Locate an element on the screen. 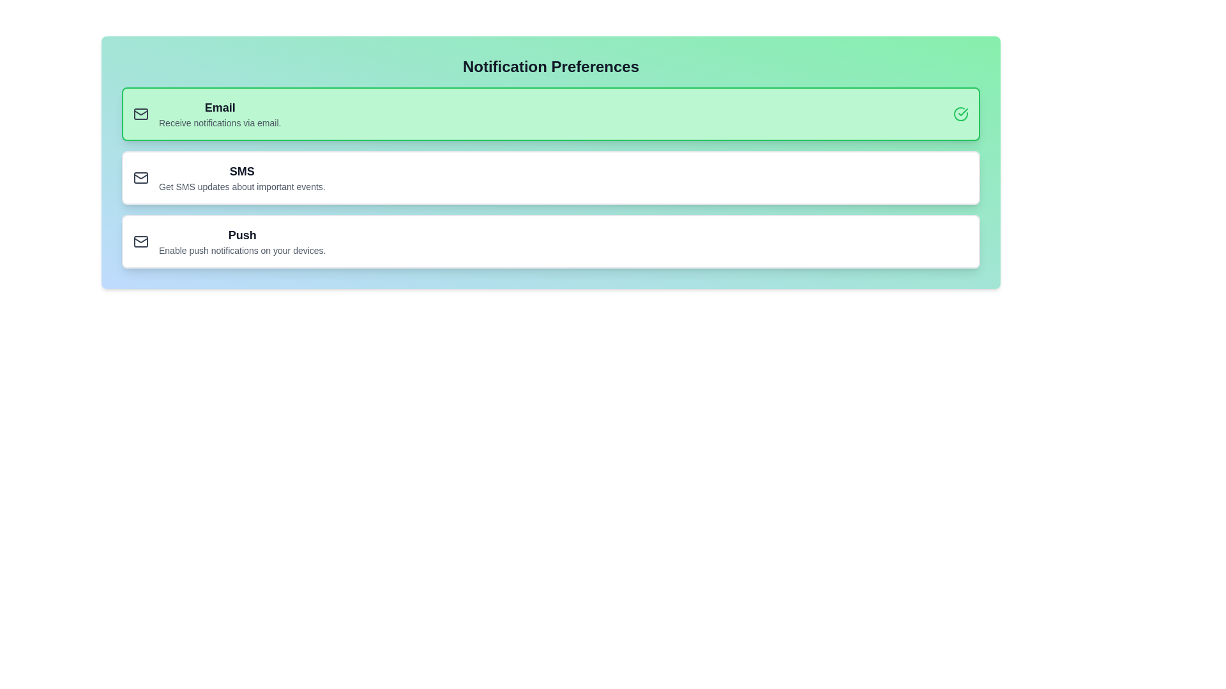 Image resolution: width=1226 pixels, height=689 pixels. the 'Email' text label which is displayed in a large, bold font style and is located within a green background row is located at coordinates (220, 107).